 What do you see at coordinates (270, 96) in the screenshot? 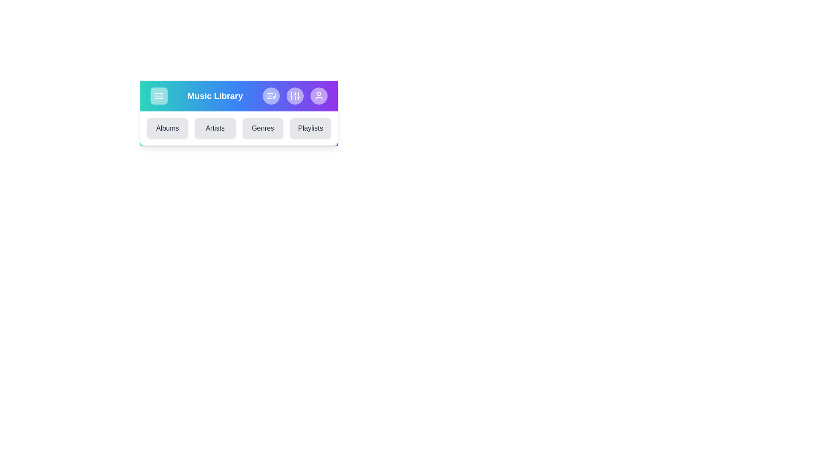
I see `the ListMusic icon in the navigation bar` at bounding box center [270, 96].